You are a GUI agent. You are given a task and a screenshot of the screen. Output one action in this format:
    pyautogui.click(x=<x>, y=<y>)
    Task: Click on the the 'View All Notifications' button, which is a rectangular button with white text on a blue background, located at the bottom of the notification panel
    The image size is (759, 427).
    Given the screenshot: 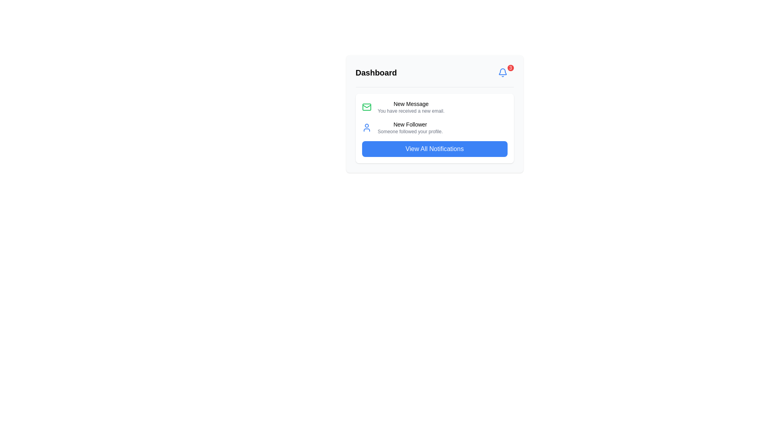 What is the action you would take?
    pyautogui.click(x=434, y=149)
    